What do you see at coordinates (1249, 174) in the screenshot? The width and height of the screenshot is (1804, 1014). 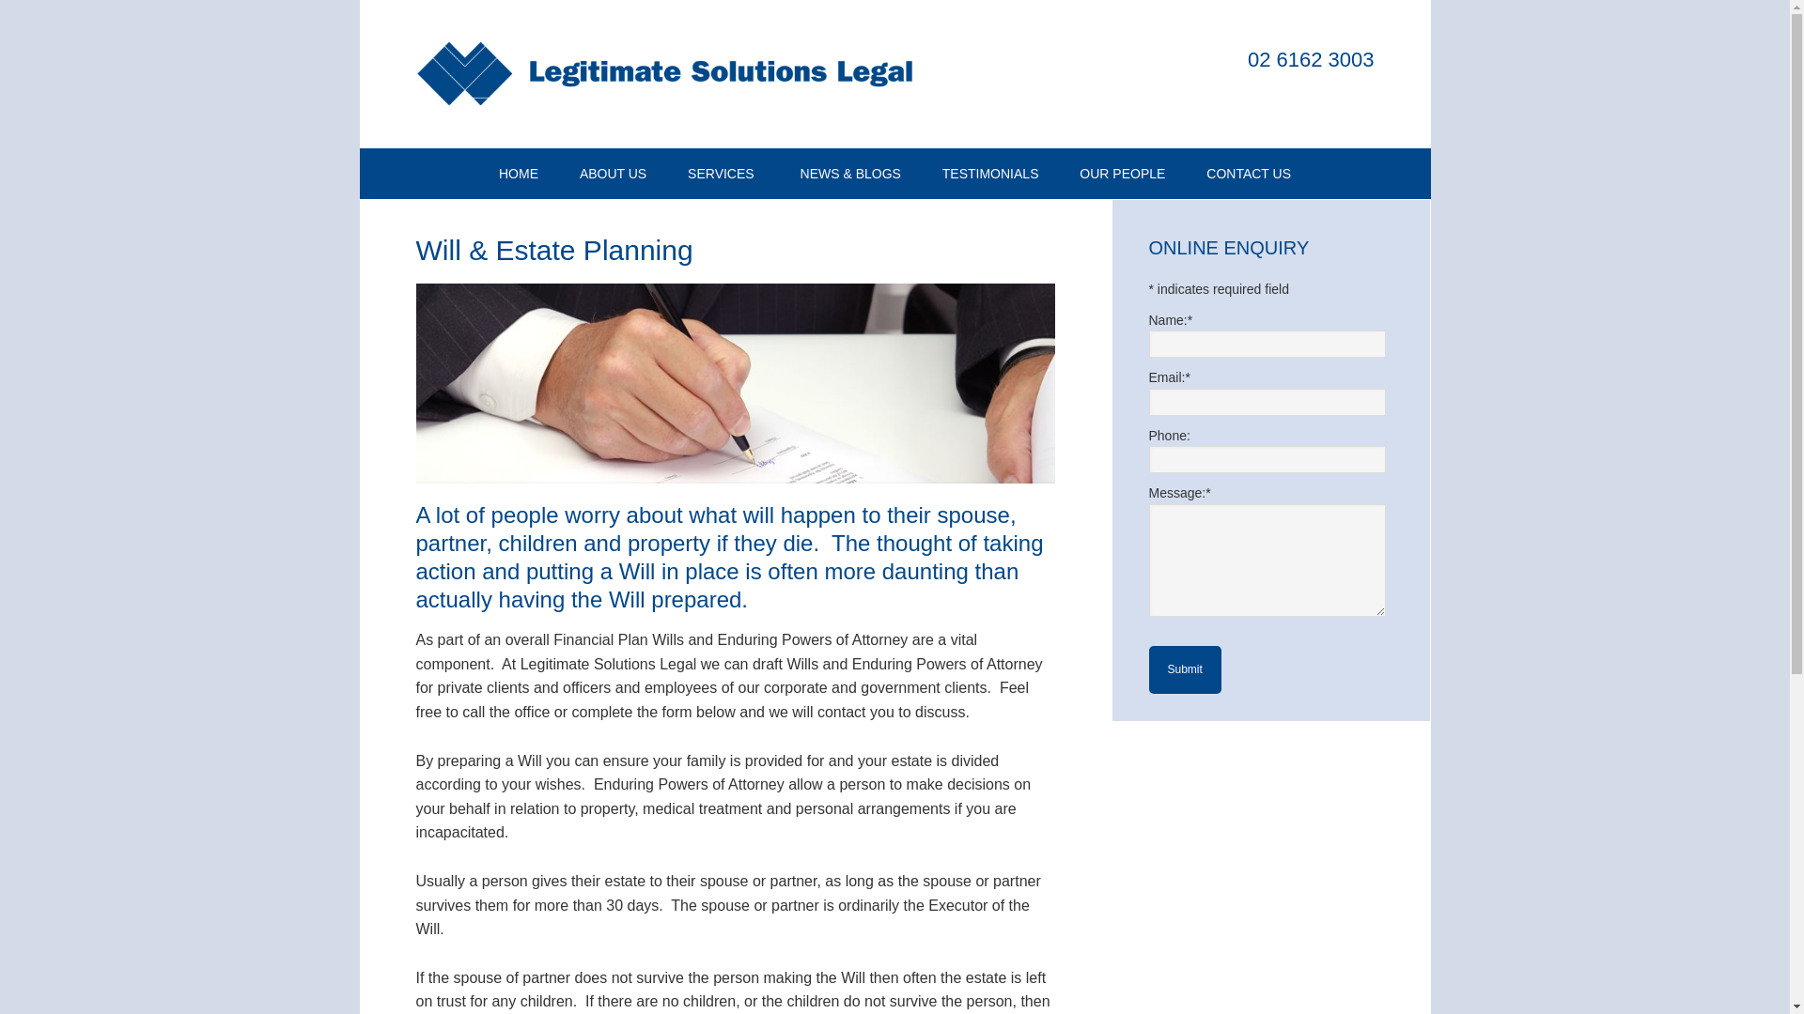 I see `'CONTACT US'` at bounding box center [1249, 174].